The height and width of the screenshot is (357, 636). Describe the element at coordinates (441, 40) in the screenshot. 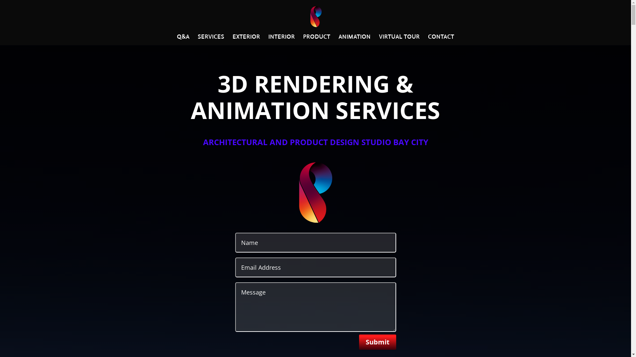

I see `'CONTACT'` at that location.